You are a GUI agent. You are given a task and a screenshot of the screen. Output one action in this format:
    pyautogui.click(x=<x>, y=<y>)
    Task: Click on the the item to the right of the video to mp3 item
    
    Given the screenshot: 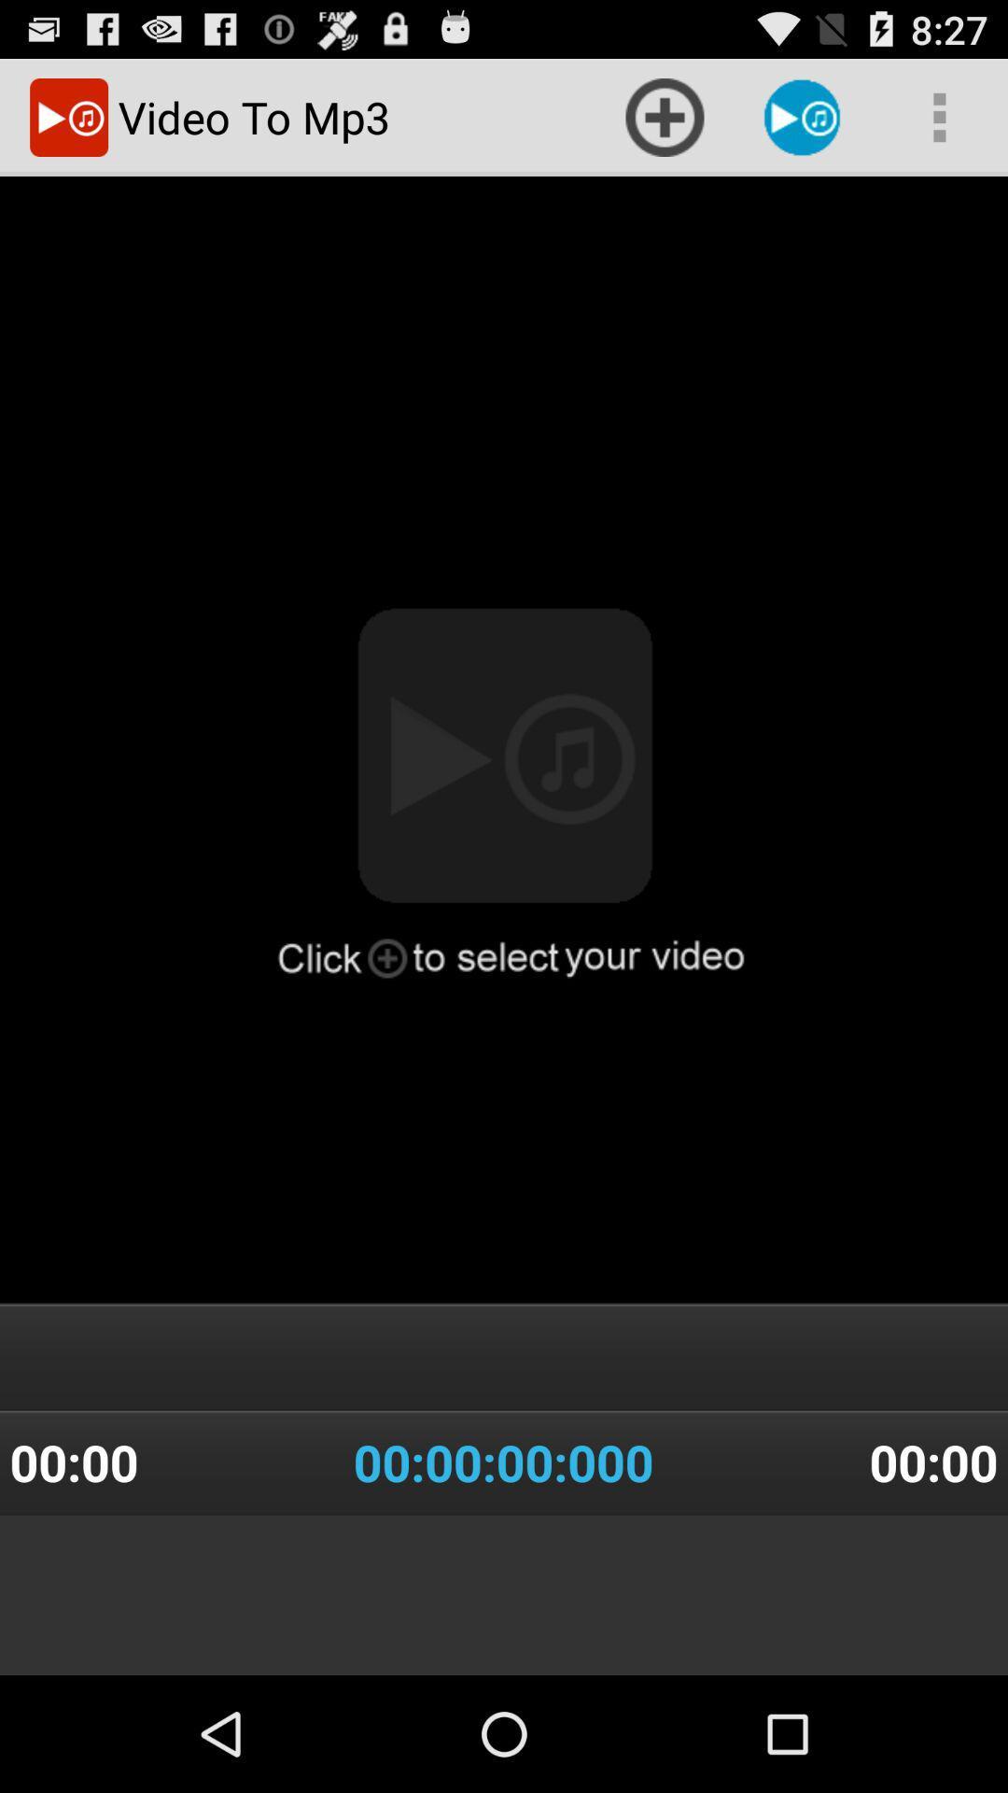 What is the action you would take?
    pyautogui.click(x=664, y=116)
    